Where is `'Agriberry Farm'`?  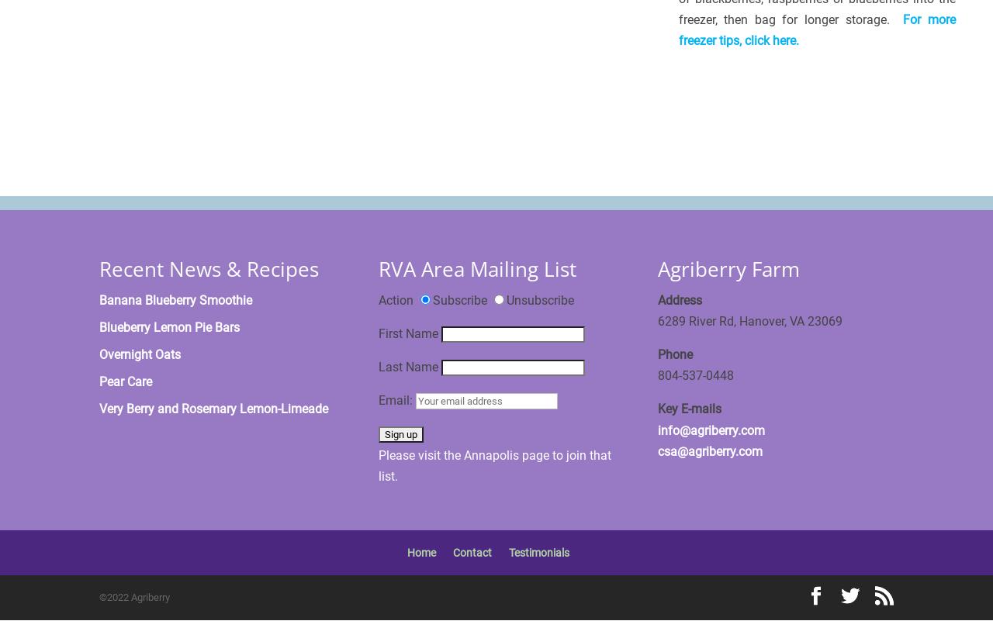 'Agriberry Farm' is located at coordinates (728, 267).